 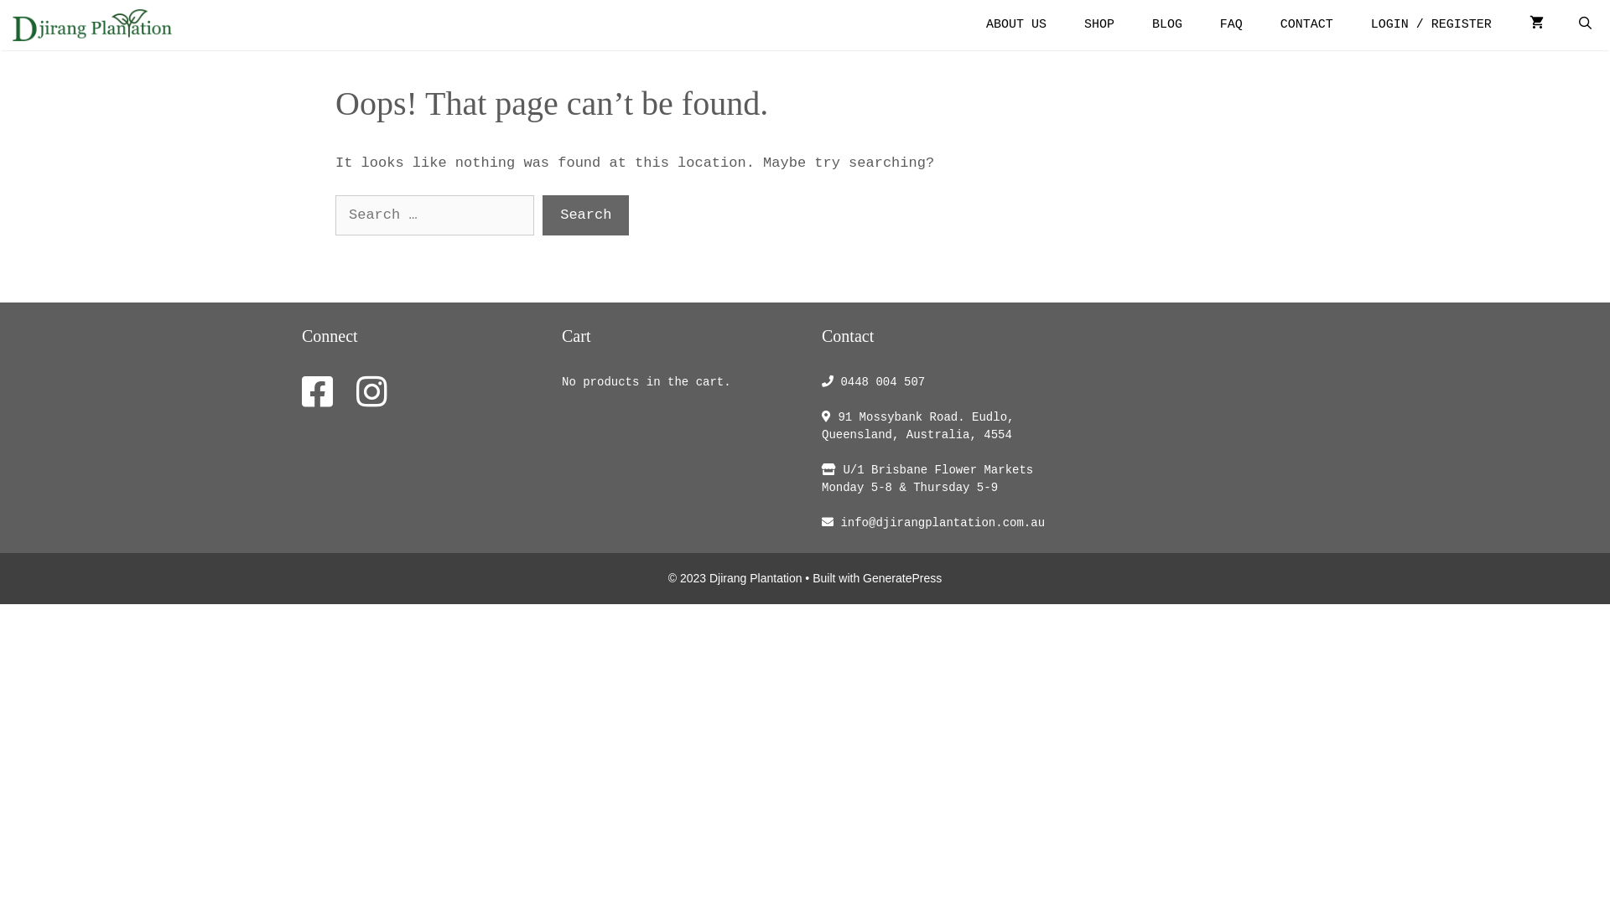 What do you see at coordinates (1066, 25) in the screenshot?
I see `'SHOP'` at bounding box center [1066, 25].